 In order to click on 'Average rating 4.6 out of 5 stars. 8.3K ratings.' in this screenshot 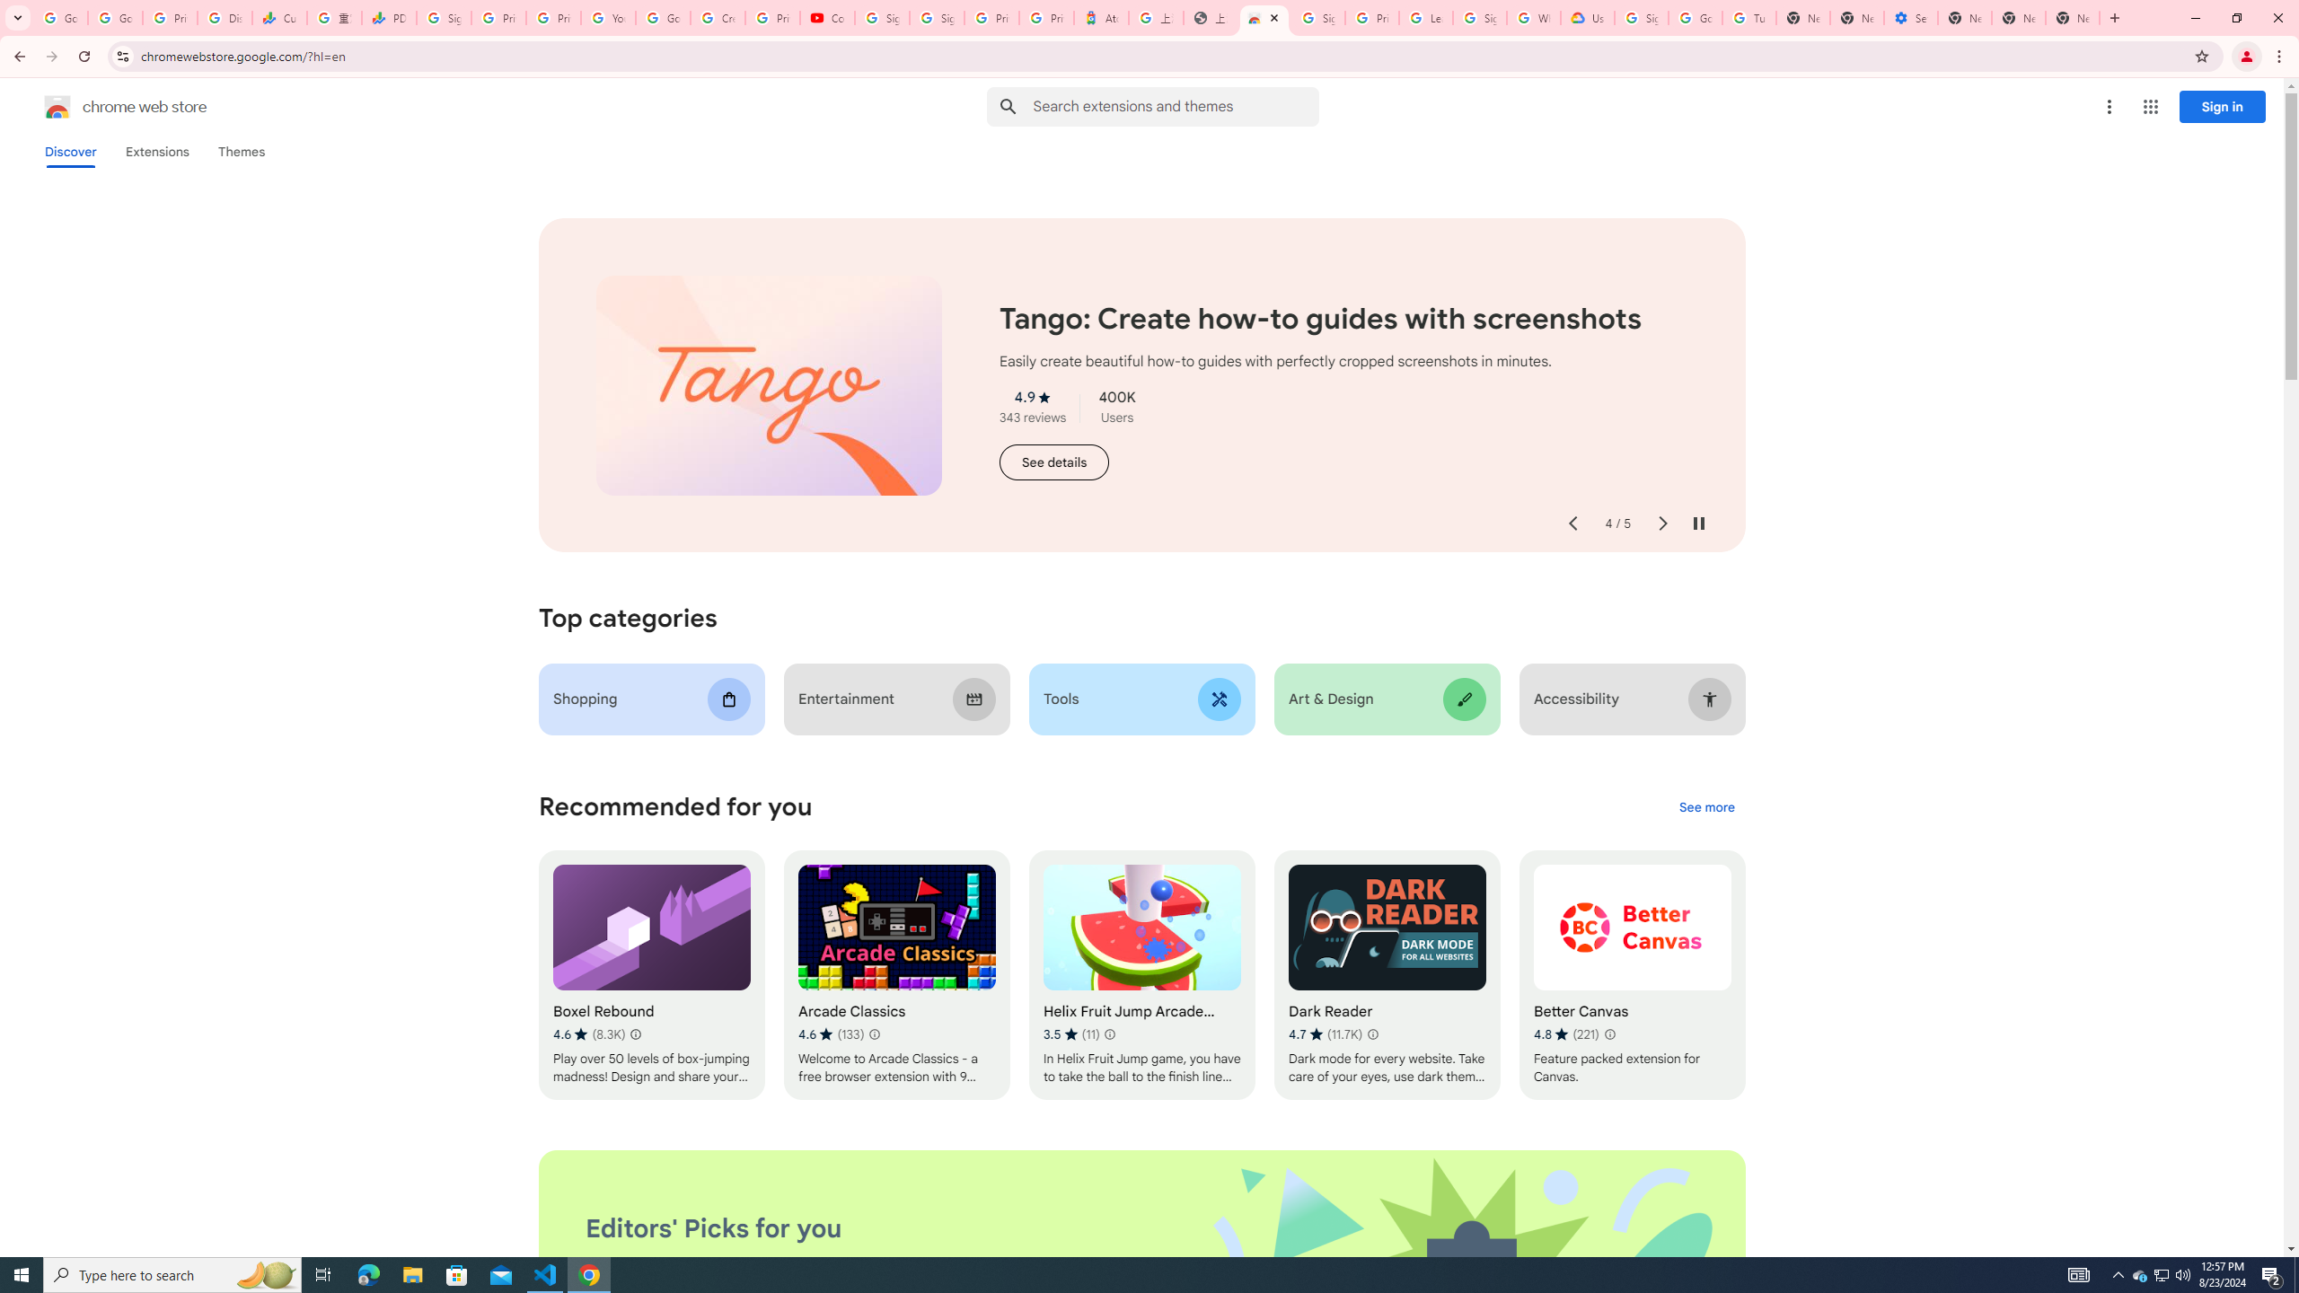, I will do `click(588, 1034)`.